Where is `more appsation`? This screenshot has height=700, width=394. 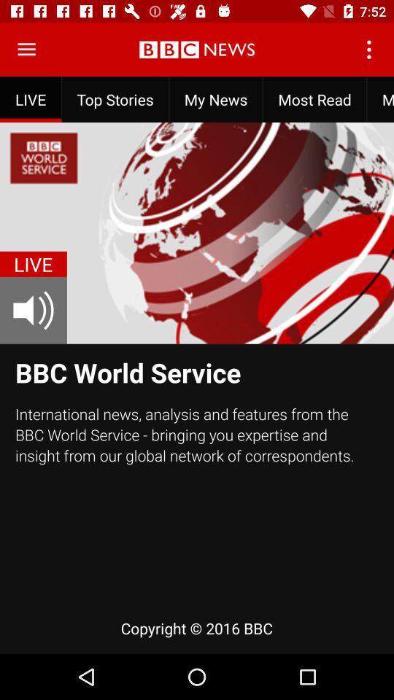
more appsation is located at coordinates (26, 50).